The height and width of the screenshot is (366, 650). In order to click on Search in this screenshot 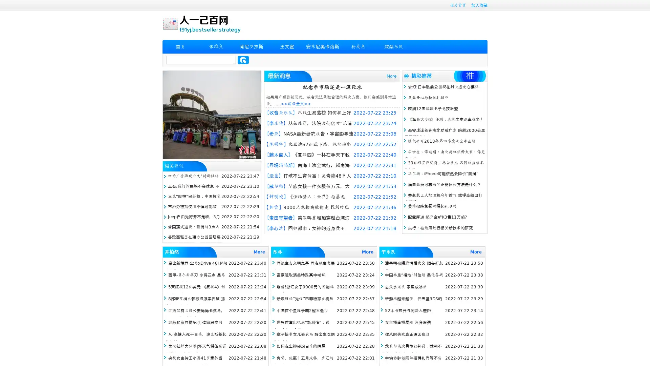, I will do `click(243, 60)`.